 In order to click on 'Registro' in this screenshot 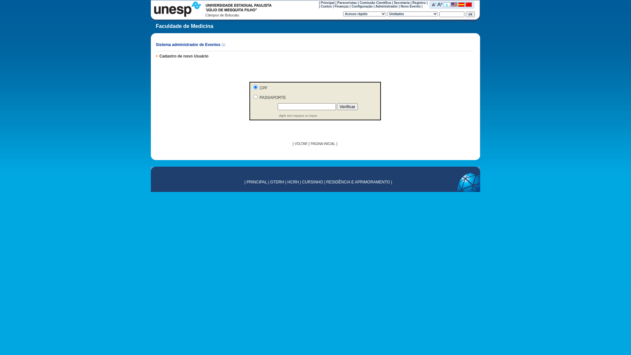, I will do `click(419, 2)`.